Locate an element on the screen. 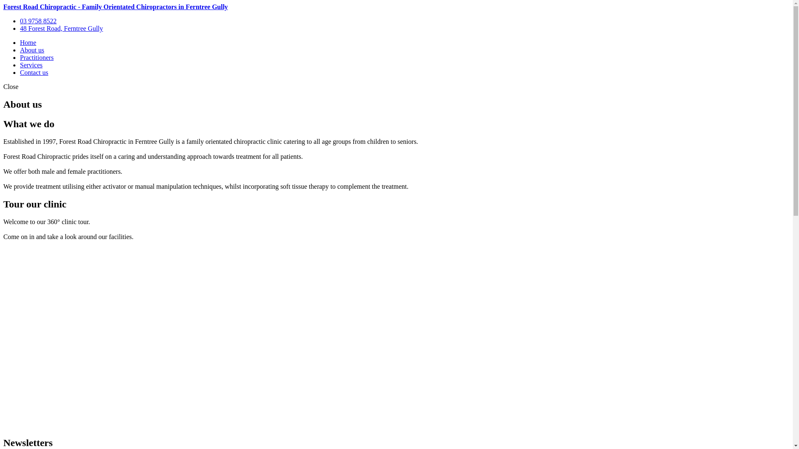  'Practitioners' is located at coordinates (36, 57).